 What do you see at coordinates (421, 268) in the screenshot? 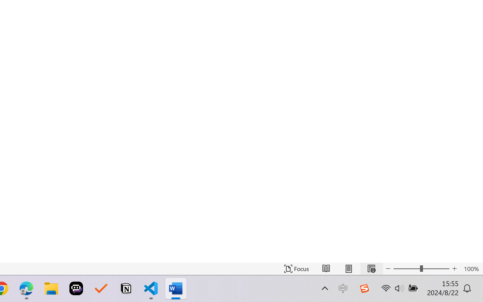
I see `'Zoom'` at bounding box center [421, 268].